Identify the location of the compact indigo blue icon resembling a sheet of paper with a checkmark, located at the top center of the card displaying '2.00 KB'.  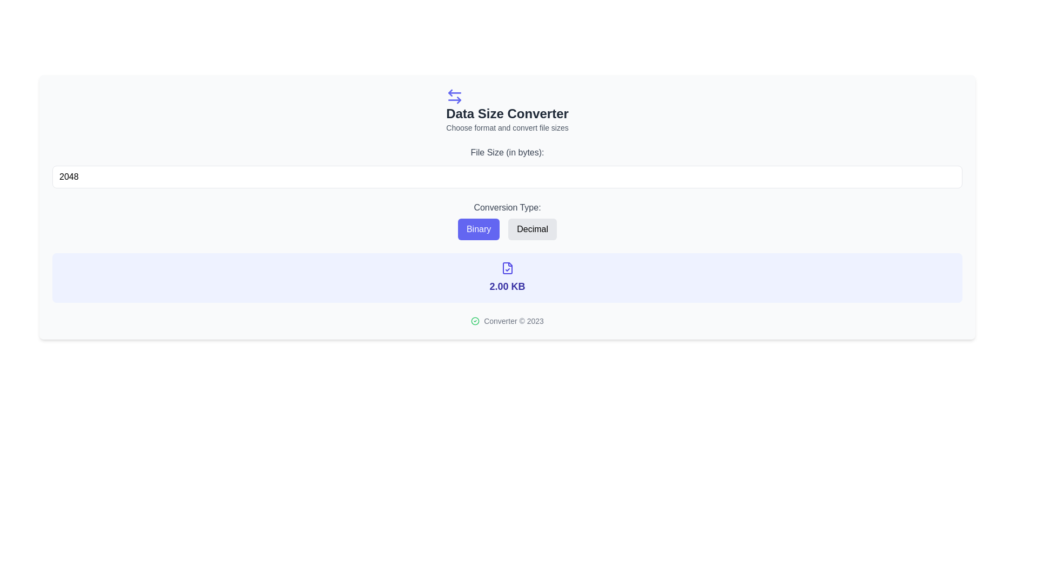
(507, 268).